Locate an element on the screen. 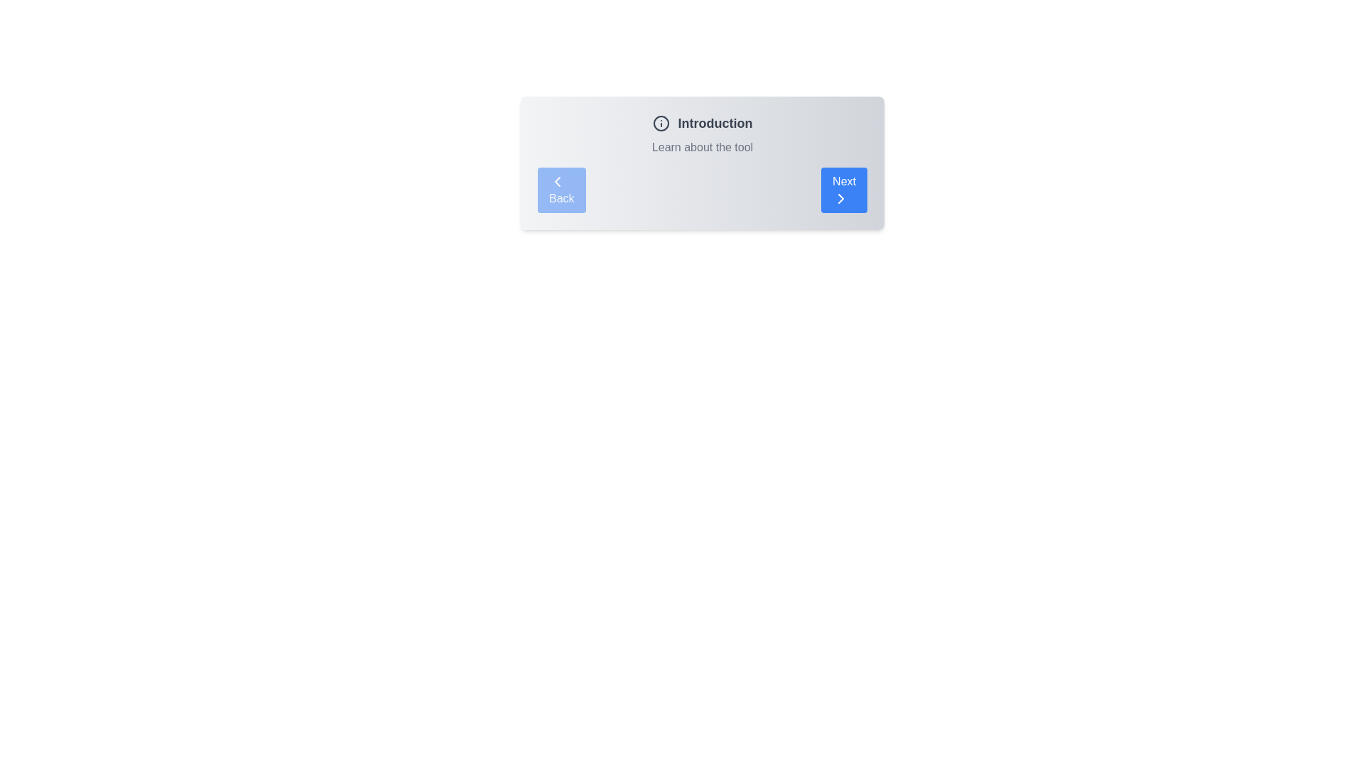  the rightmost button in the horizontal layout to observe the hover effect is located at coordinates (844, 189).